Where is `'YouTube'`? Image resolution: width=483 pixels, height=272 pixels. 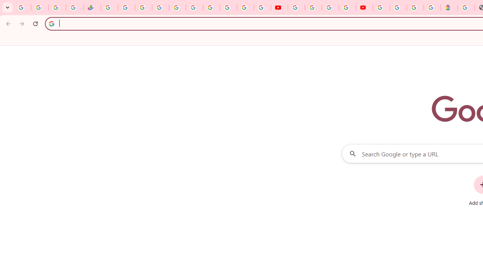 'YouTube' is located at coordinates (296, 8).